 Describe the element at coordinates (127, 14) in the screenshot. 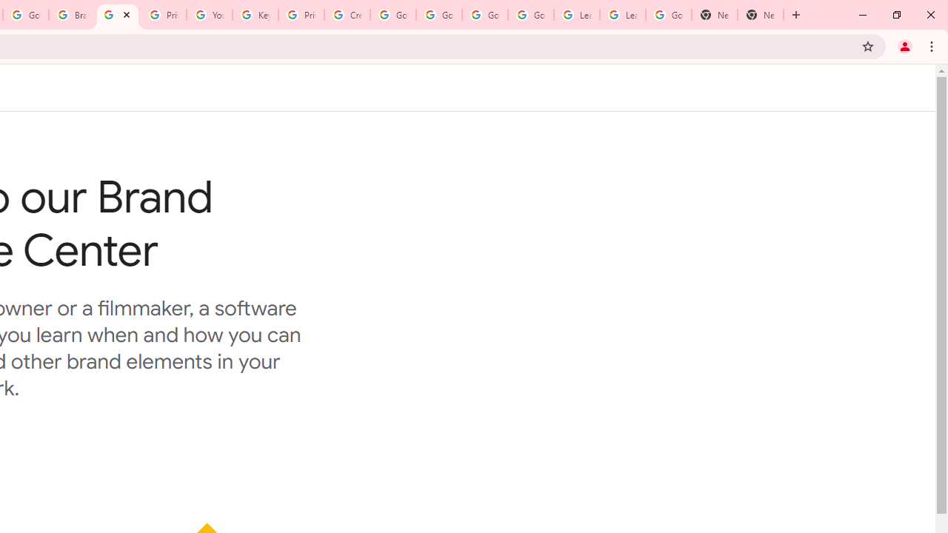

I see `'Close'` at that location.